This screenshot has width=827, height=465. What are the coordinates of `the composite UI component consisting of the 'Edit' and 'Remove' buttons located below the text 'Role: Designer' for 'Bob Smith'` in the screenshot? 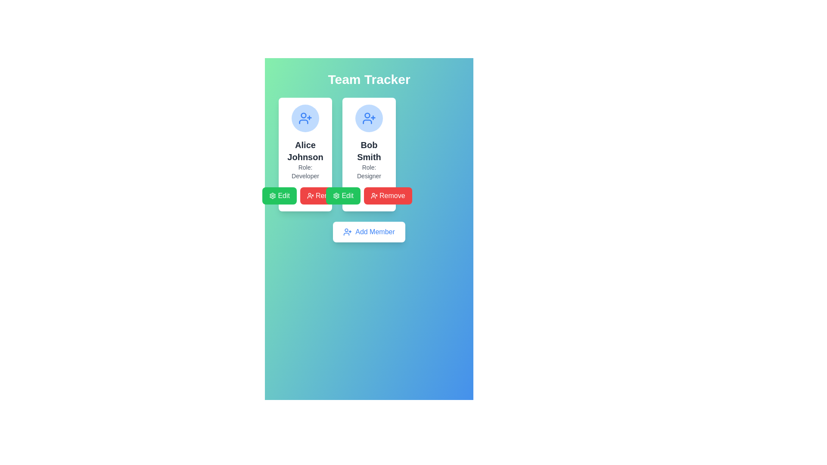 It's located at (369, 196).